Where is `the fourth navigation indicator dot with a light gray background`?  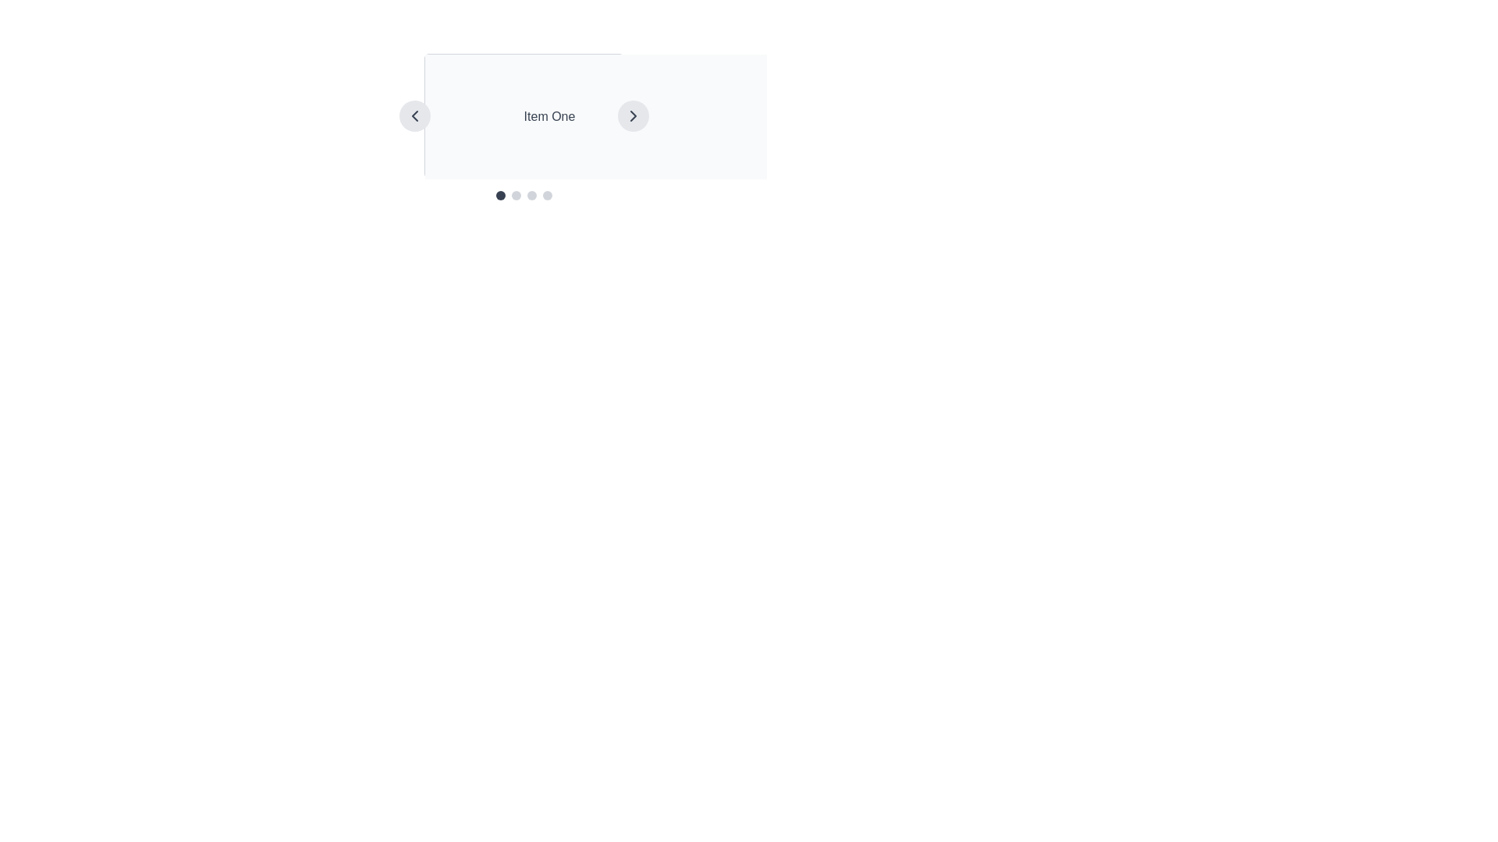 the fourth navigation indicator dot with a light gray background is located at coordinates (547, 194).